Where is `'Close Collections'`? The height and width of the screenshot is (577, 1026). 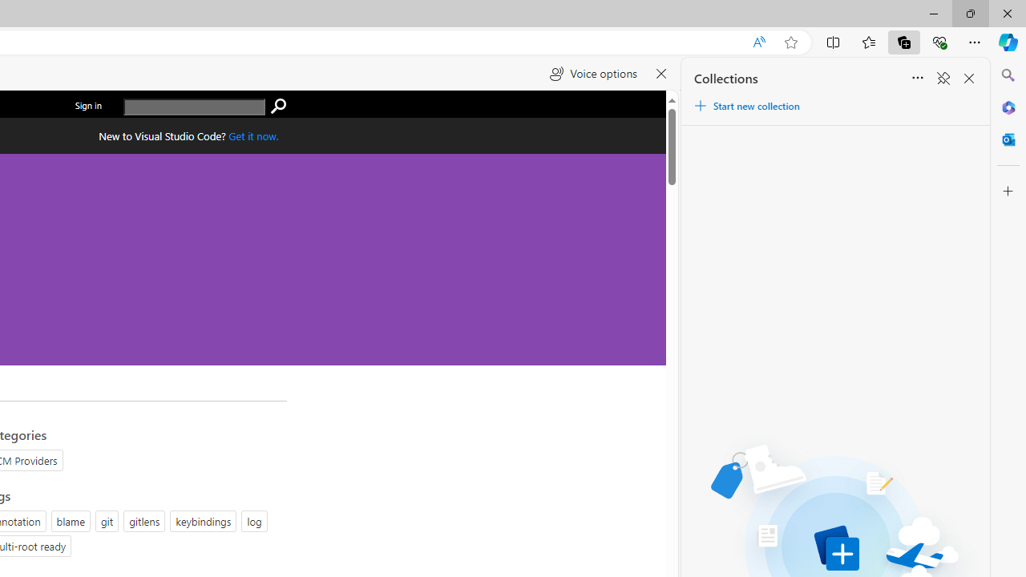 'Close Collections' is located at coordinates (967, 79).